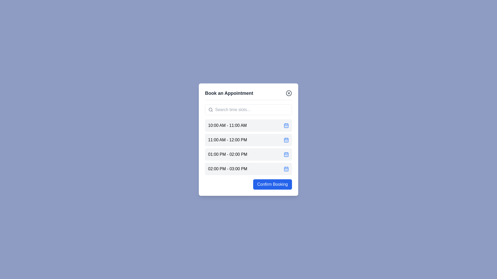 The image size is (497, 279). What do you see at coordinates (248, 140) in the screenshot?
I see `the time slot labeled 11:00 AM - 12:00 PM` at bounding box center [248, 140].